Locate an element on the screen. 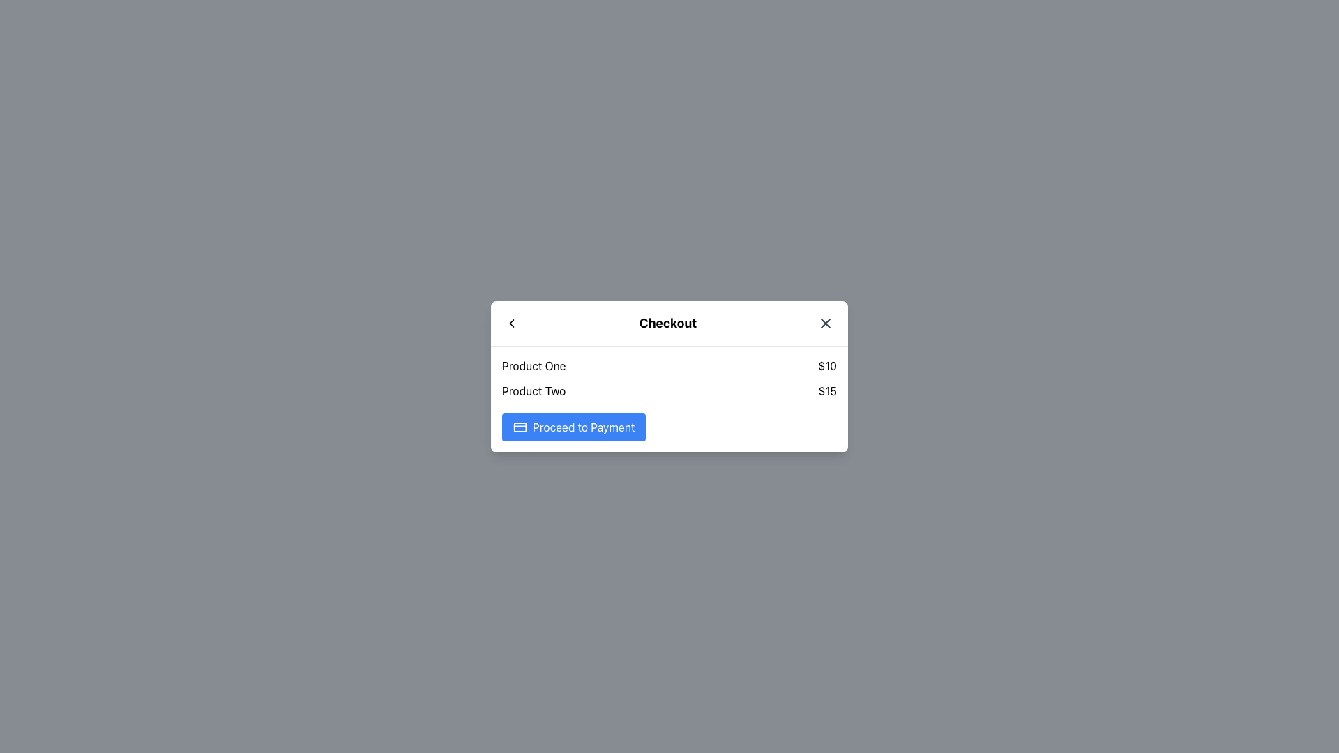 The width and height of the screenshot is (1339, 753). the price display for 'Product One' located under the 'Checkout' header, aligned horizontally with 'Product One' and to its far right is located at coordinates (827, 365).